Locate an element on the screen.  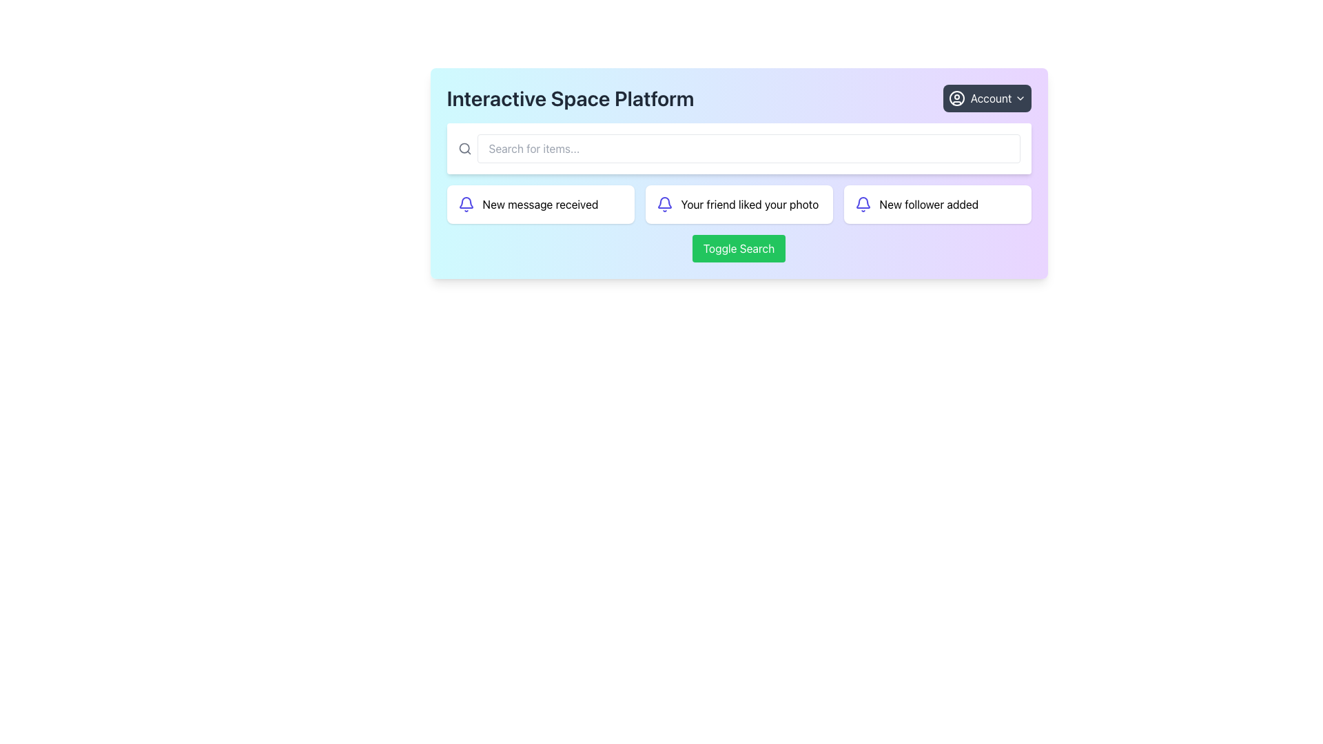
the notification text element that informs the user about an activity related to their photo is located at coordinates (749, 205).